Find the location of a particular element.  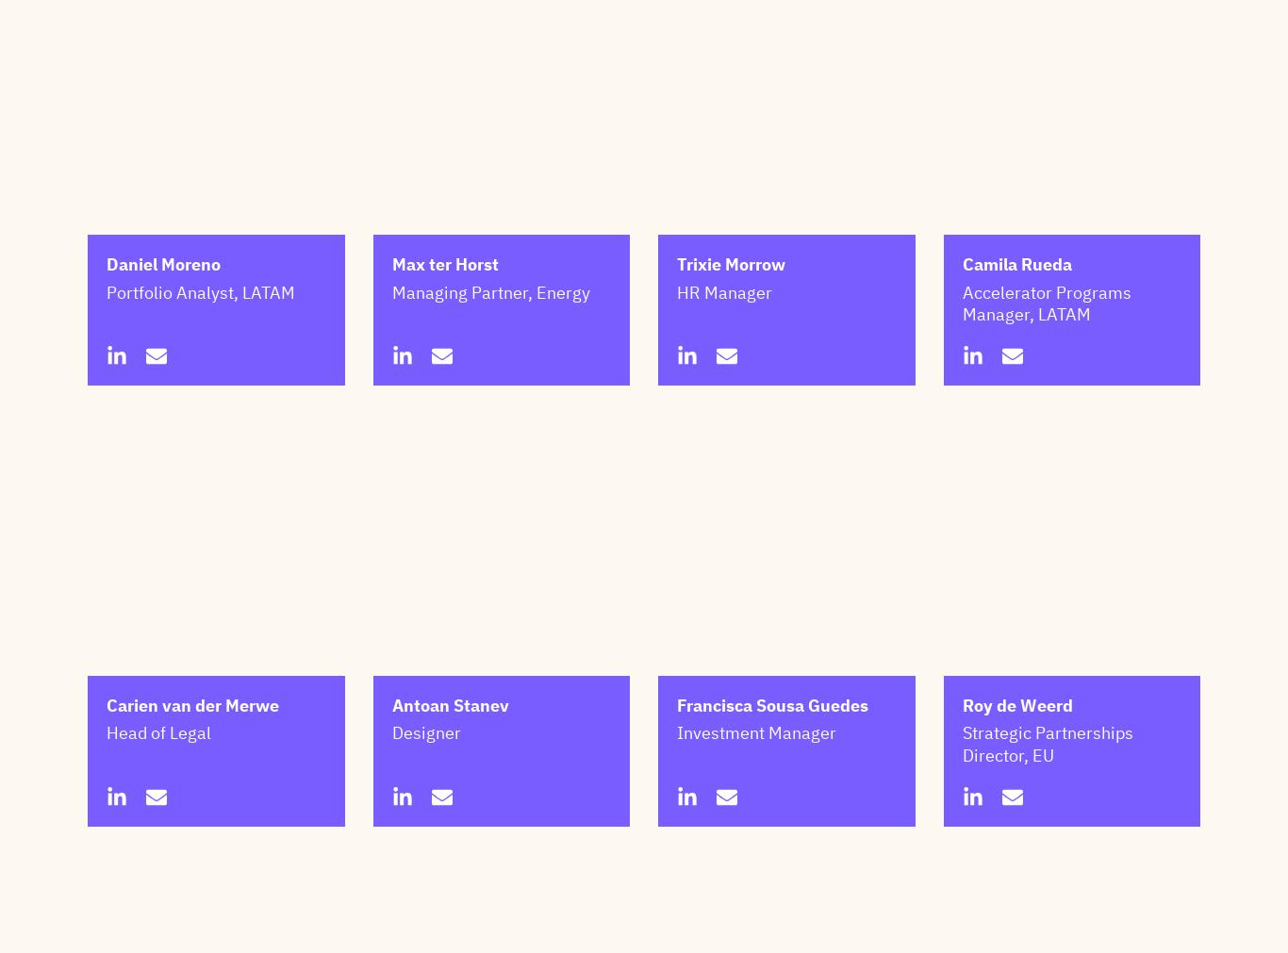

'Carien van der Merwe' is located at coordinates (191, 798).